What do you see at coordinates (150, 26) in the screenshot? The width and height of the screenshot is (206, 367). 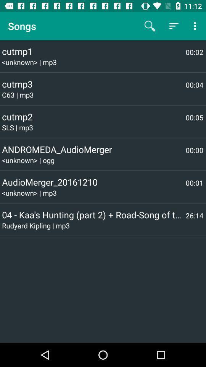 I see `the item above the cutmp1 item` at bounding box center [150, 26].